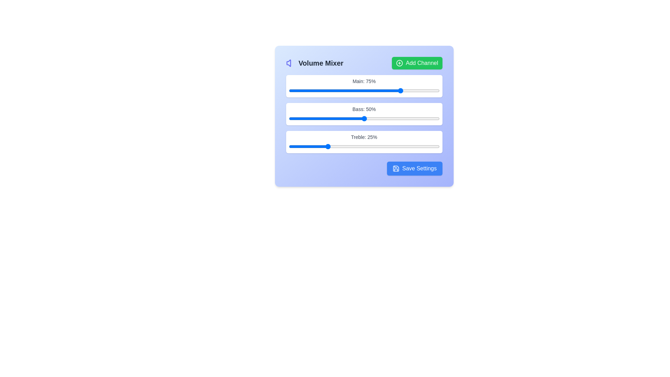  What do you see at coordinates (355, 118) in the screenshot?
I see `the bass level` at bounding box center [355, 118].